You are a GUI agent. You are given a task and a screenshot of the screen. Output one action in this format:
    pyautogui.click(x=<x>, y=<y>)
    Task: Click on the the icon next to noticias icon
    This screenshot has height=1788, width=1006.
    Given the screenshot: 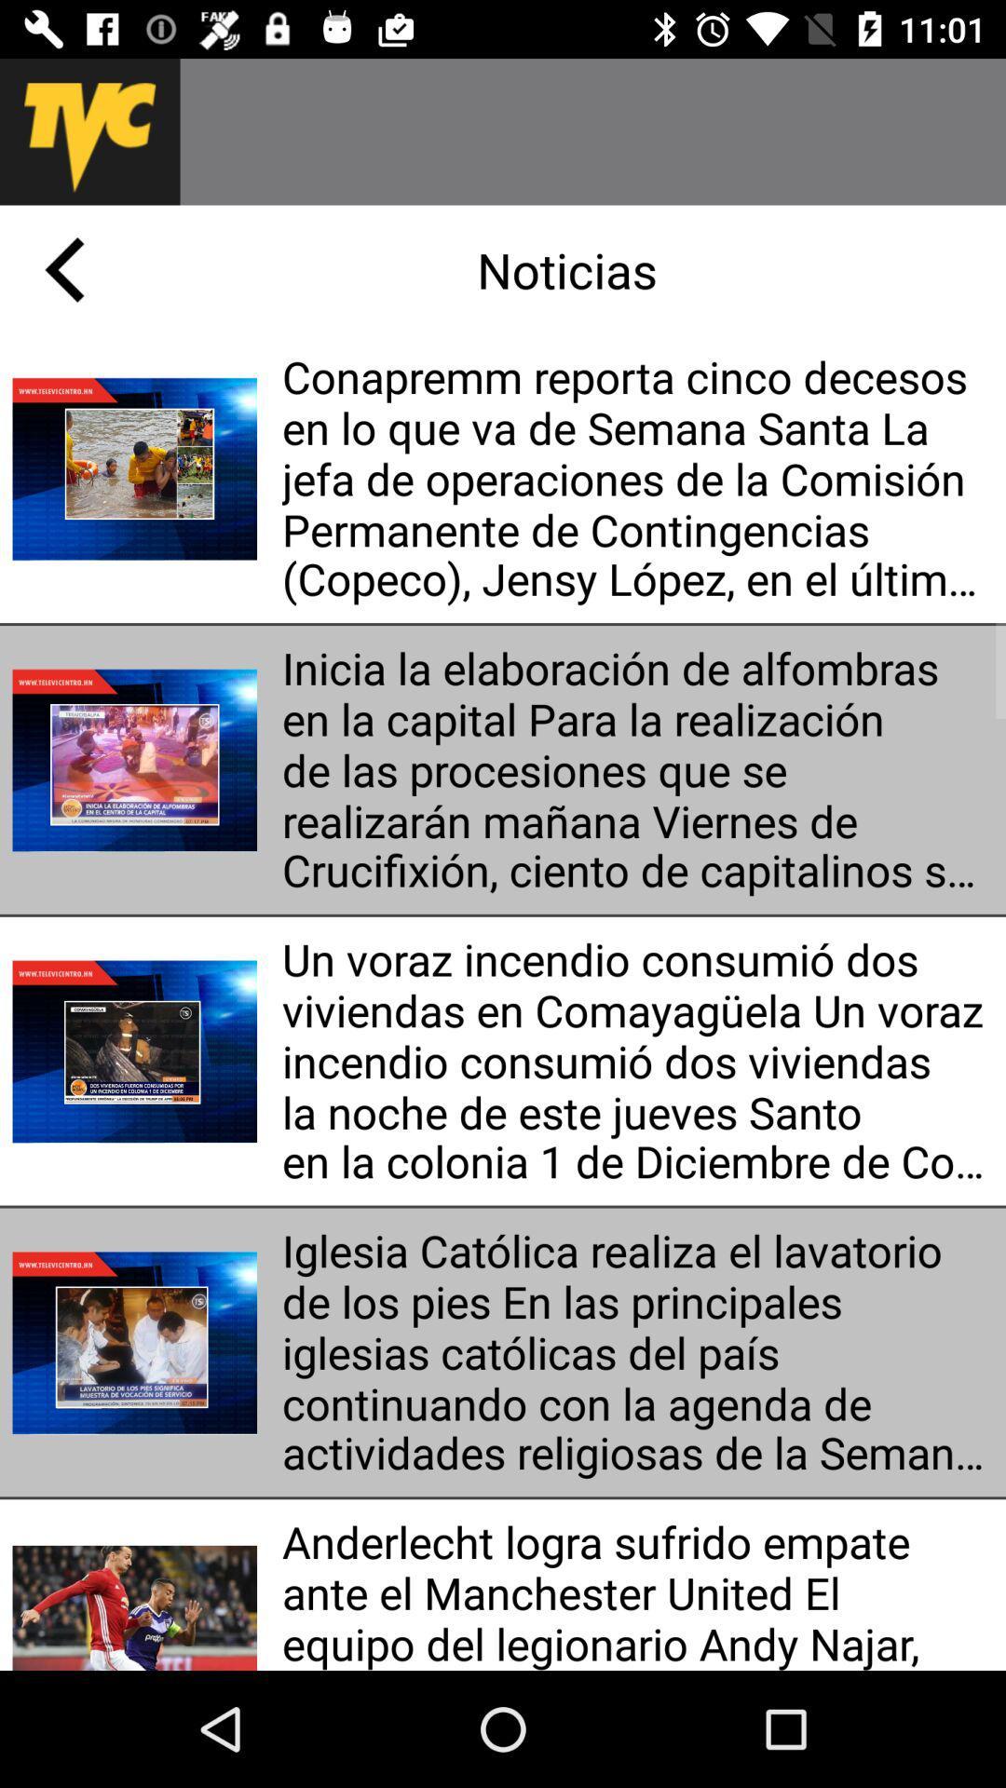 What is the action you would take?
    pyautogui.click(x=63, y=268)
    